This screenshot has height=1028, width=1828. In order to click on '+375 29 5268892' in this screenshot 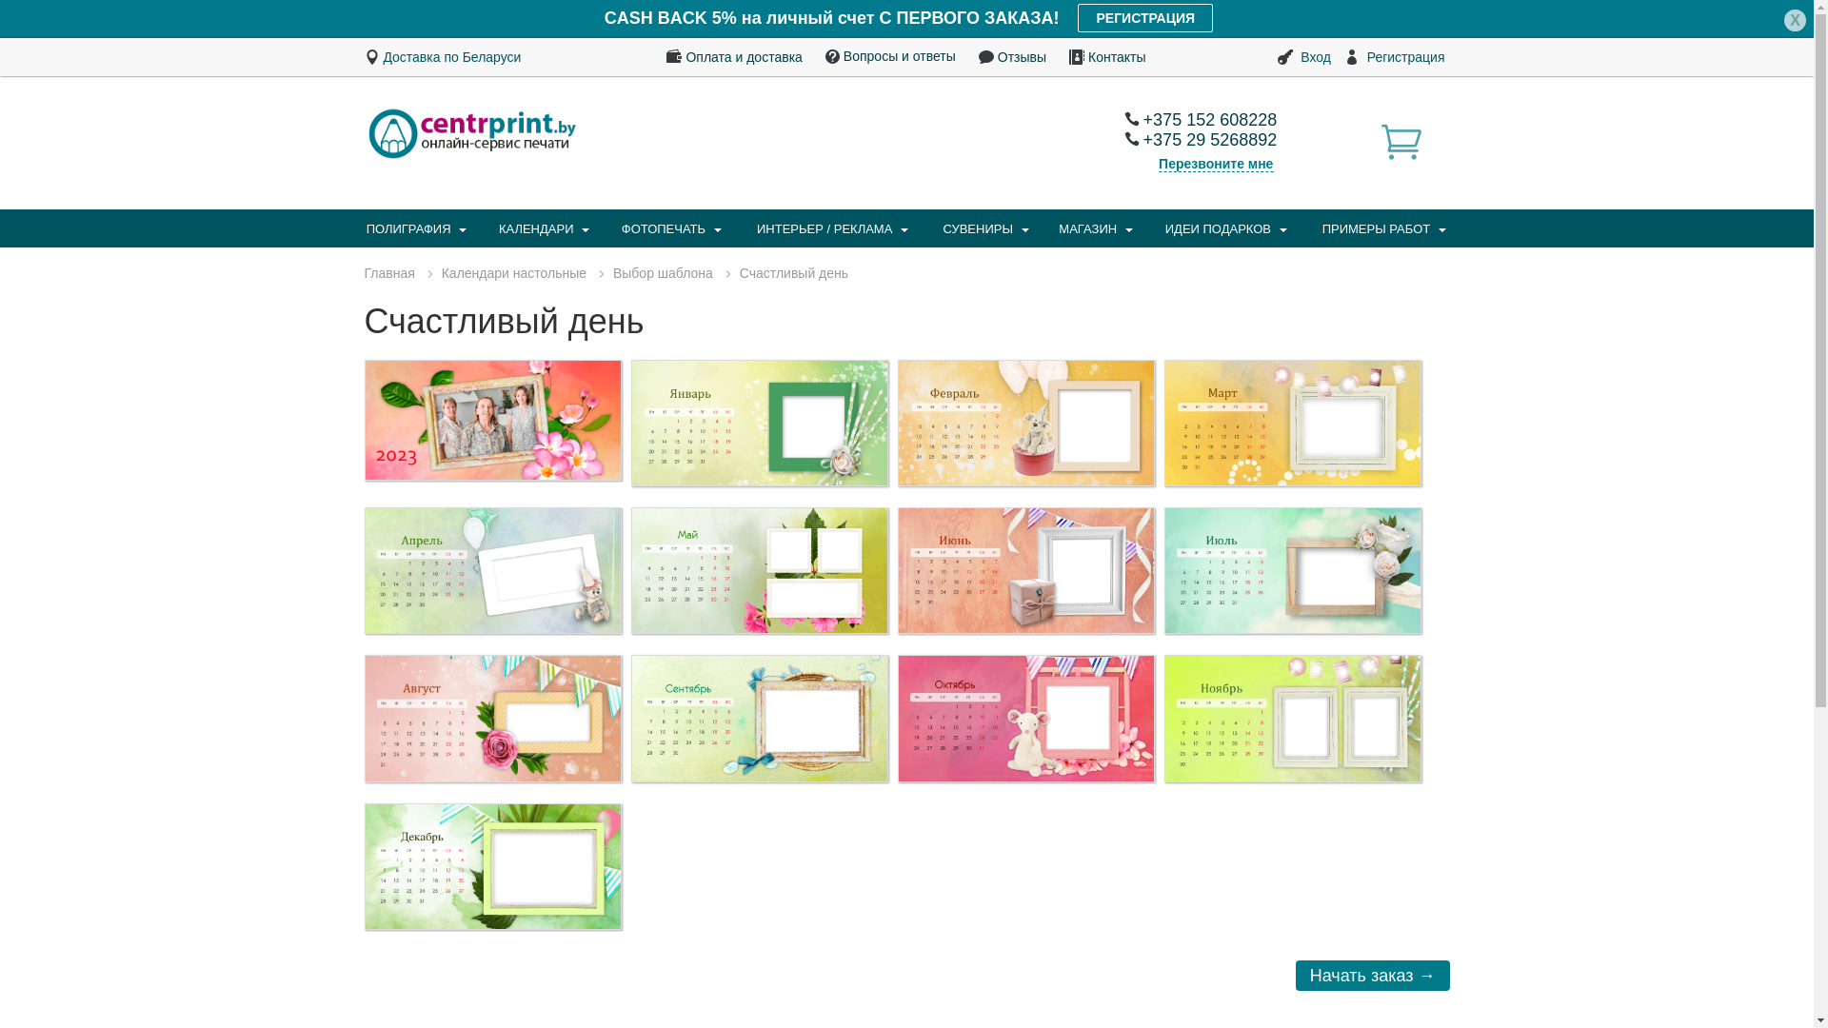, I will do `click(1123, 138)`.